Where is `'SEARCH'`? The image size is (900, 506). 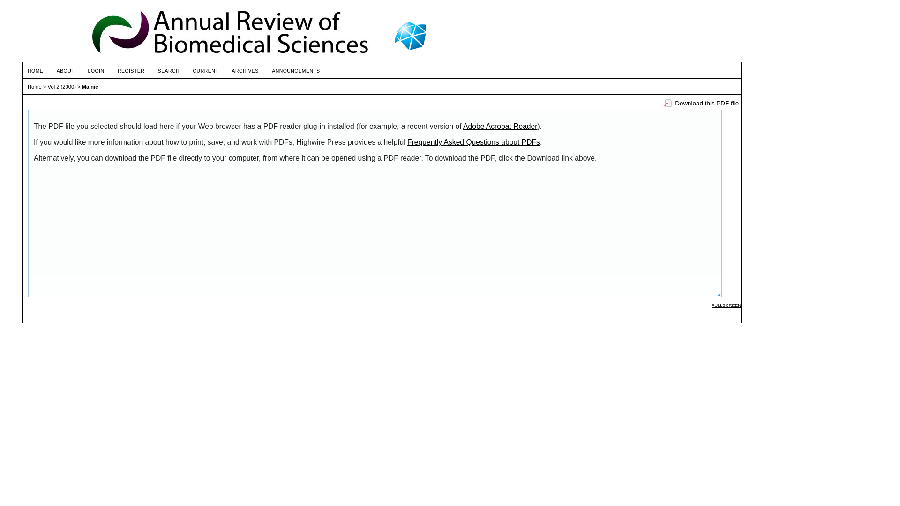 'SEARCH' is located at coordinates (157, 70).